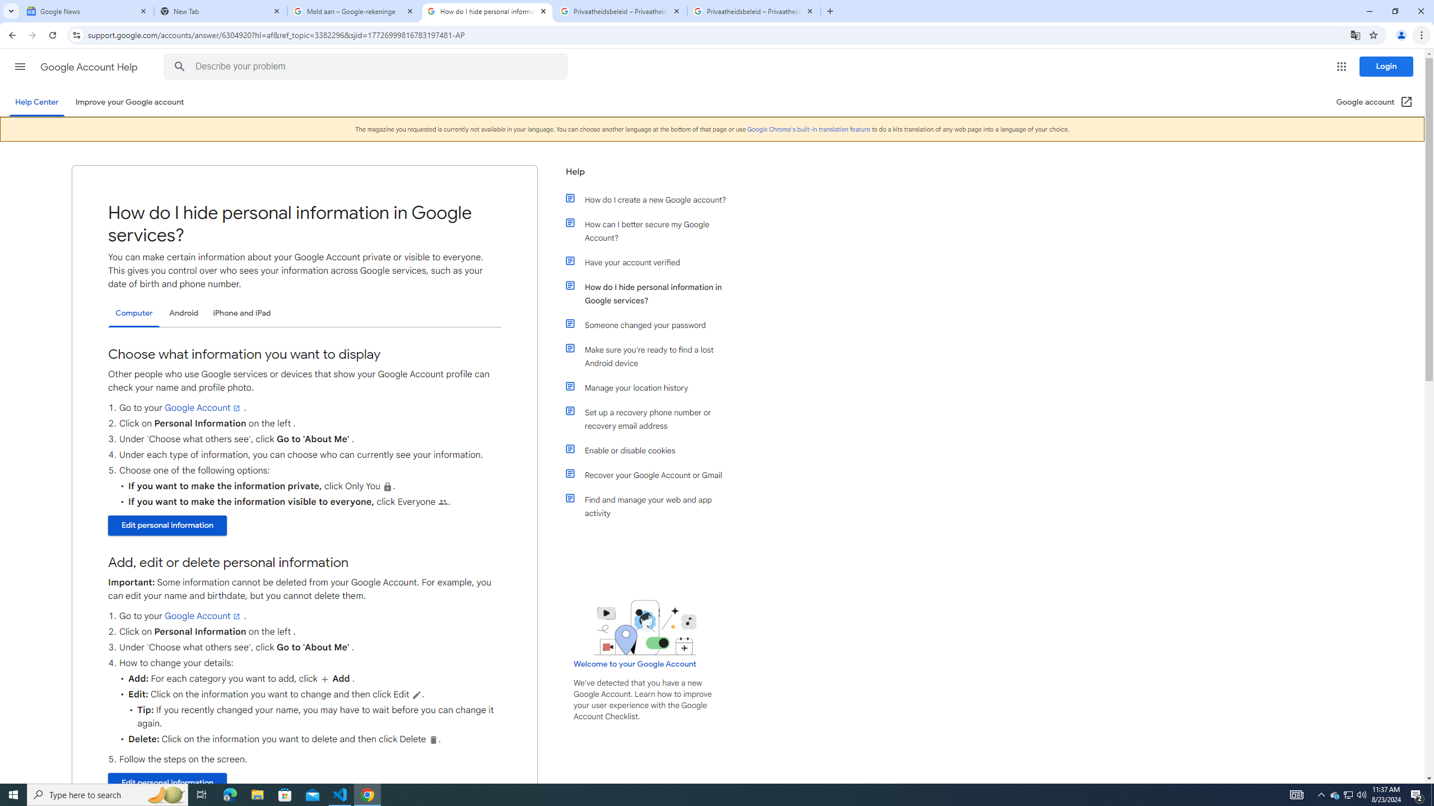  Describe the element at coordinates (1356, 34) in the screenshot. I see `'Translate this page'` at that location.